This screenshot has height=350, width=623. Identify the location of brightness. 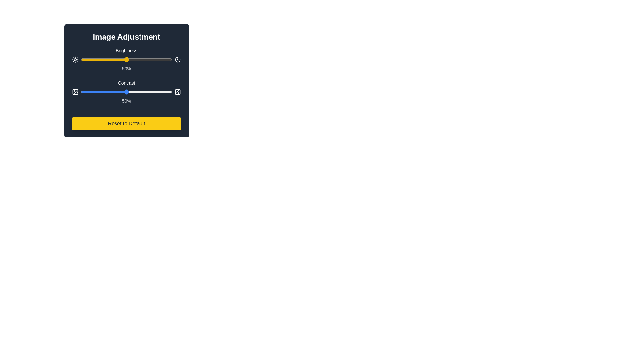
(106, 60).